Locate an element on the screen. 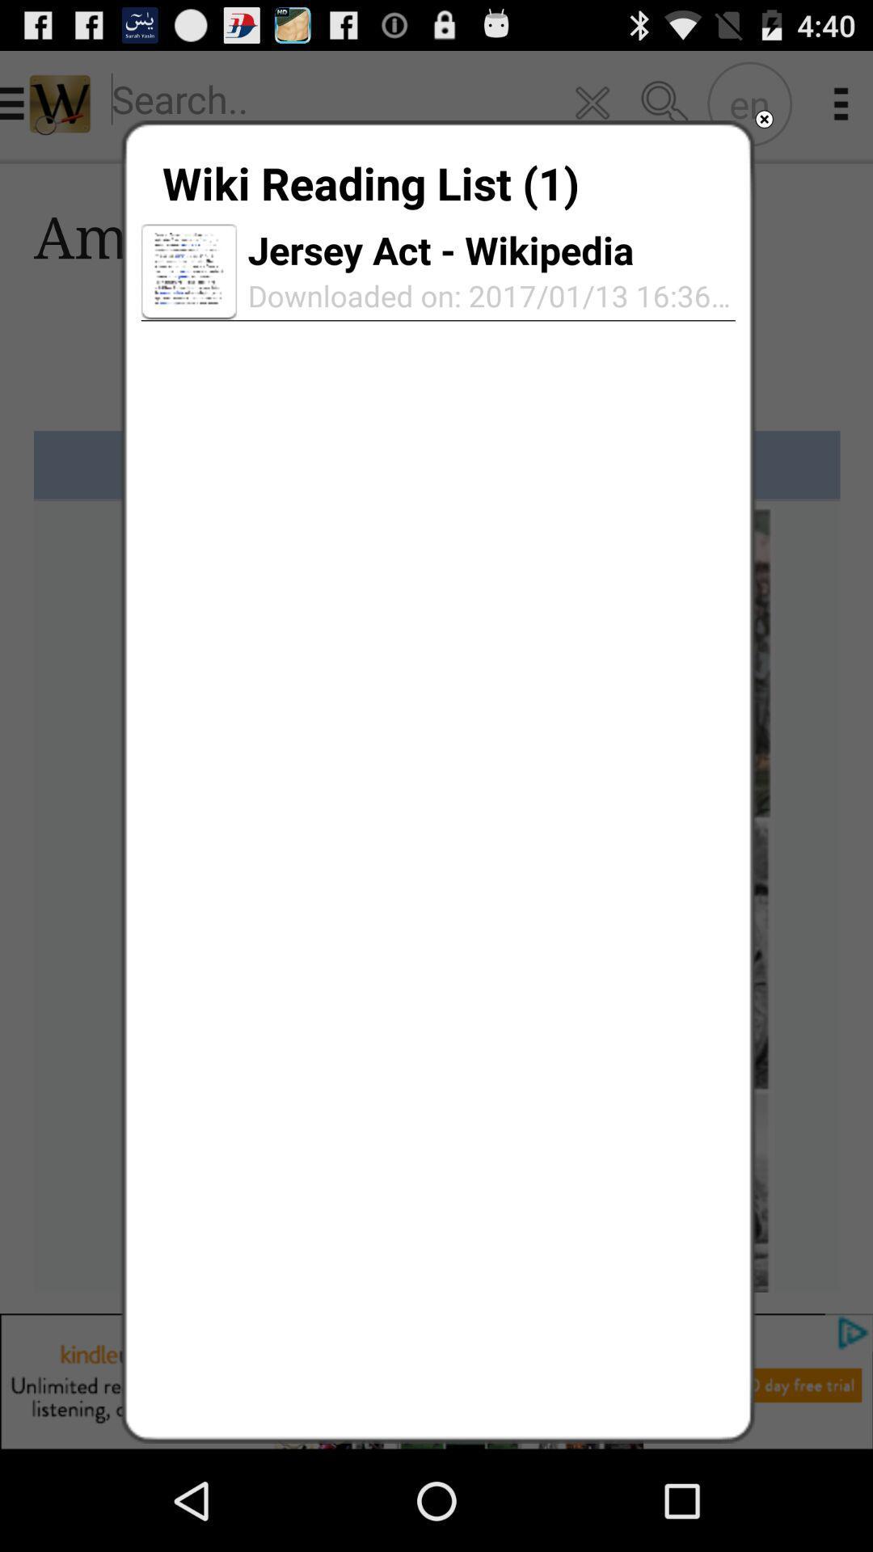 The image size is (873, 1552). icon next to downloaded on 2017 icon is located at coordinates (188, 272).